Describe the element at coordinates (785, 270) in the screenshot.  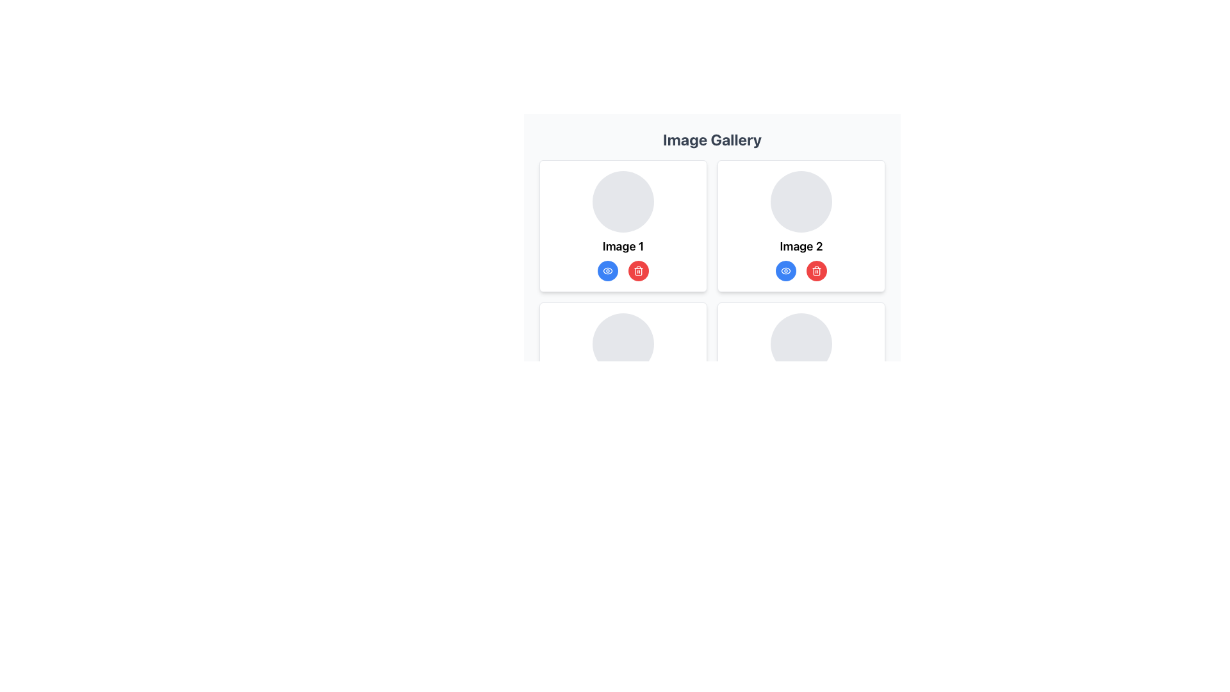
I see `the view icon button located in the lower left corner of the second item in the first row of the grid` at that location.